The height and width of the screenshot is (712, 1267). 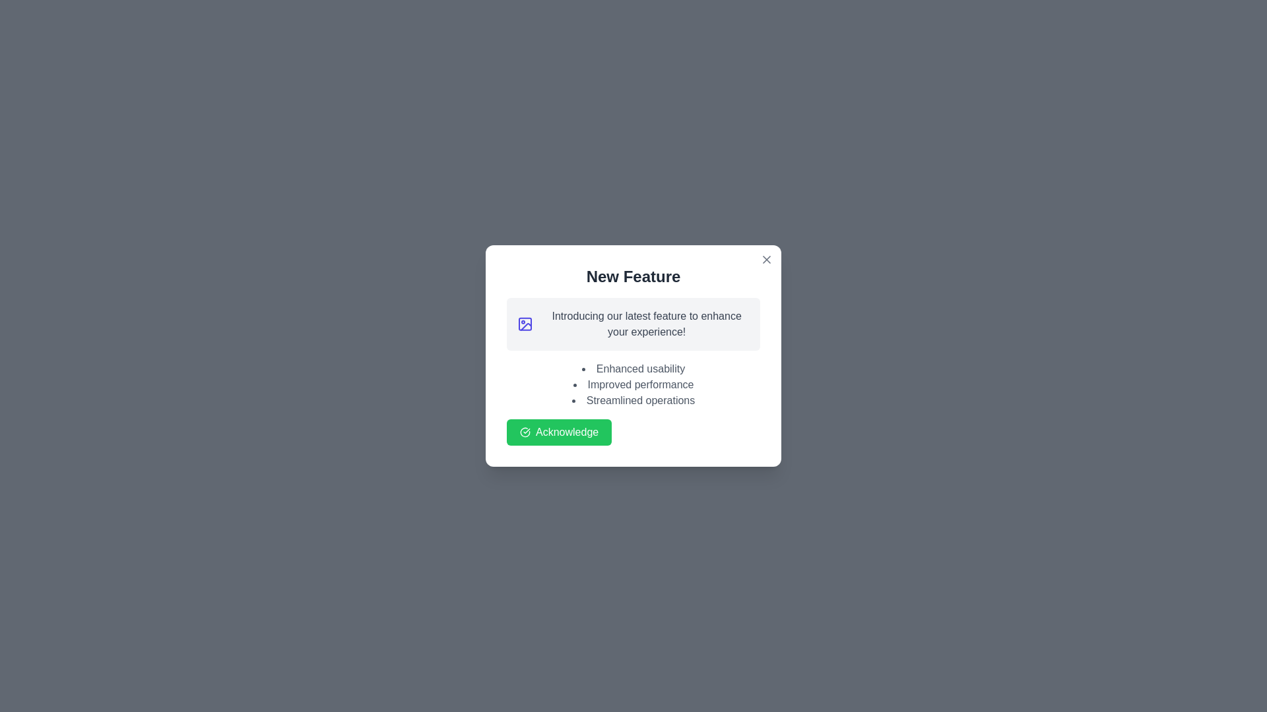 I want to click on text of the second bullet point item in the modal dialog, which contains 'Improved performance', so click(x=633, y=384).